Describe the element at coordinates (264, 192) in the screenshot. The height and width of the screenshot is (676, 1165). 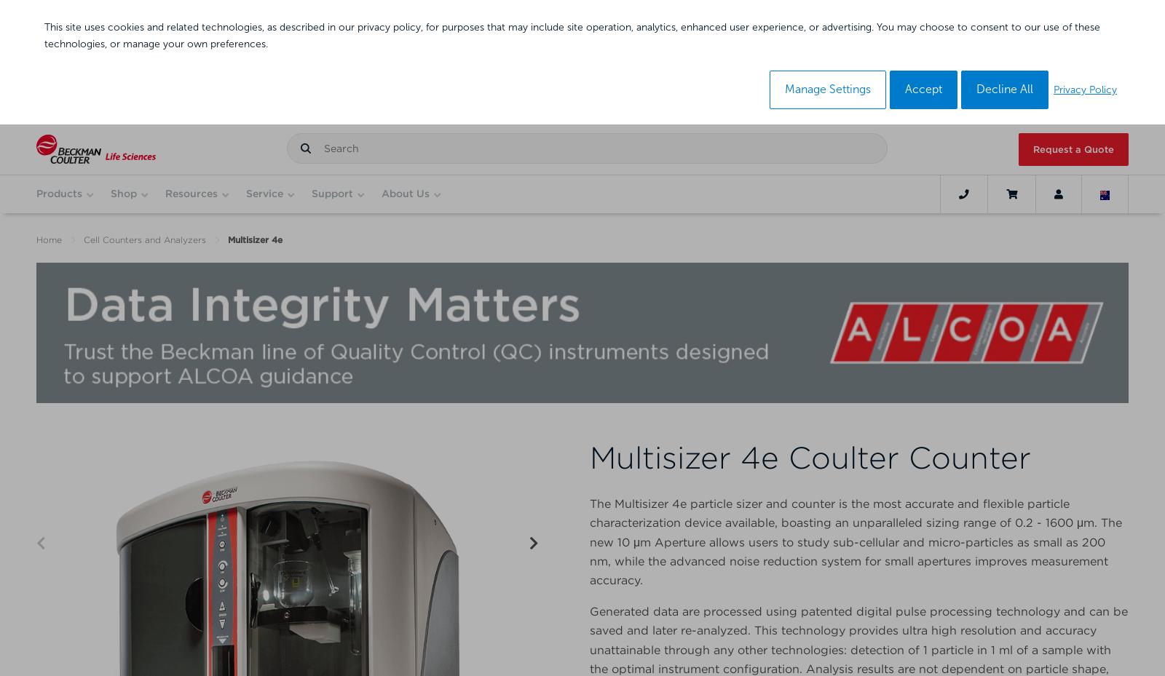
I see `'Service'` at that location.